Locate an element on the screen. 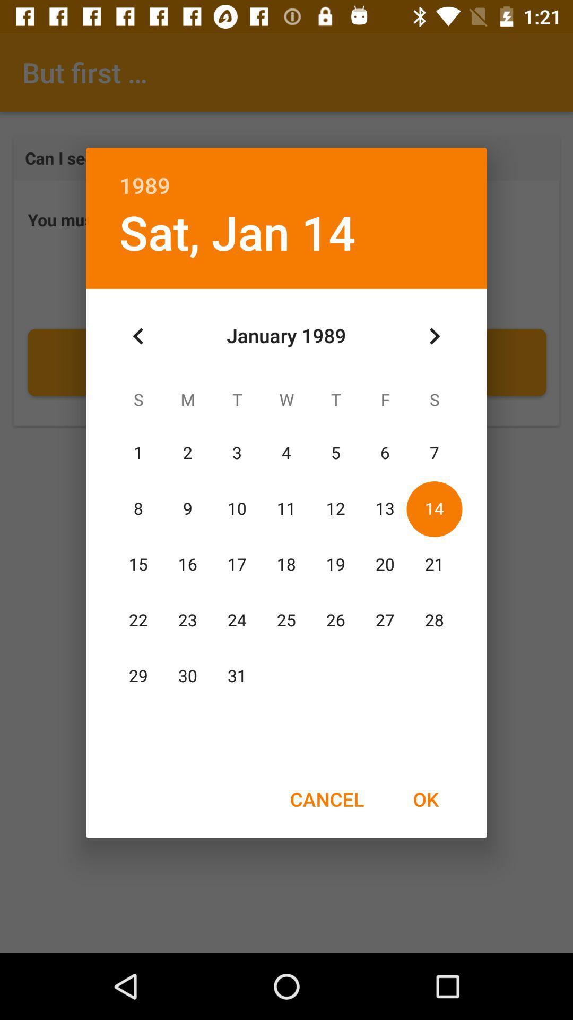  icon below 1989 item is located at coordinates (237, 231).